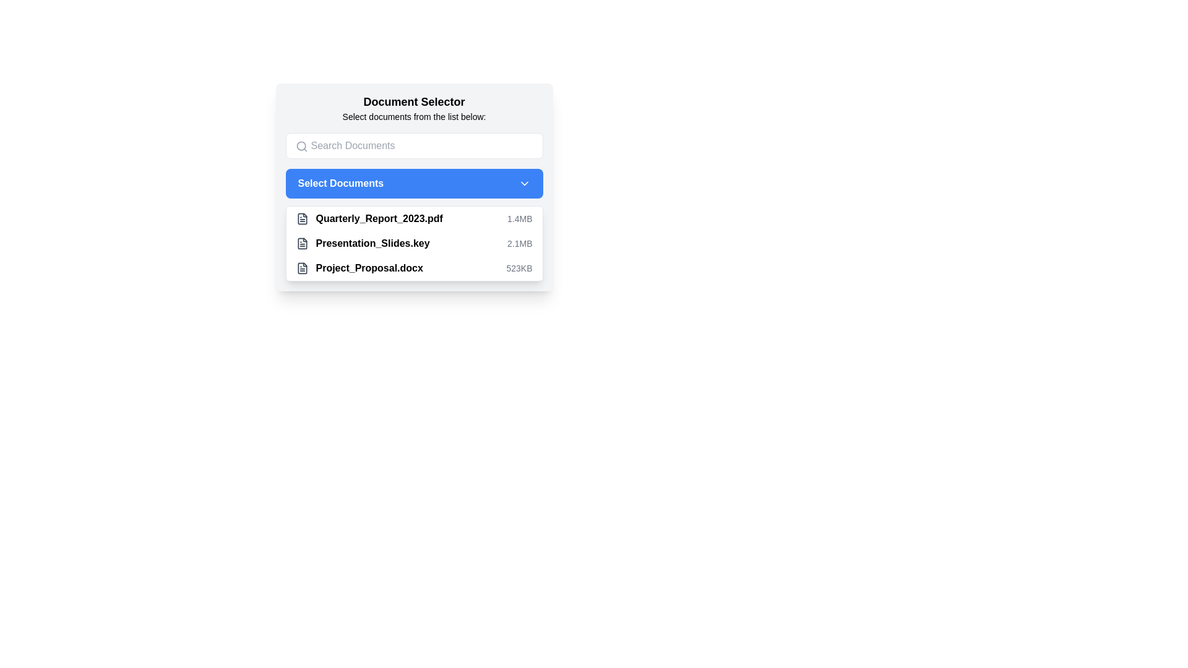 The width and height of the screenshot is (1188, 668). I want to click on title label indicating the purpose of the interface for document selection, which is the topmost text element in the UI, so click(414, 101).